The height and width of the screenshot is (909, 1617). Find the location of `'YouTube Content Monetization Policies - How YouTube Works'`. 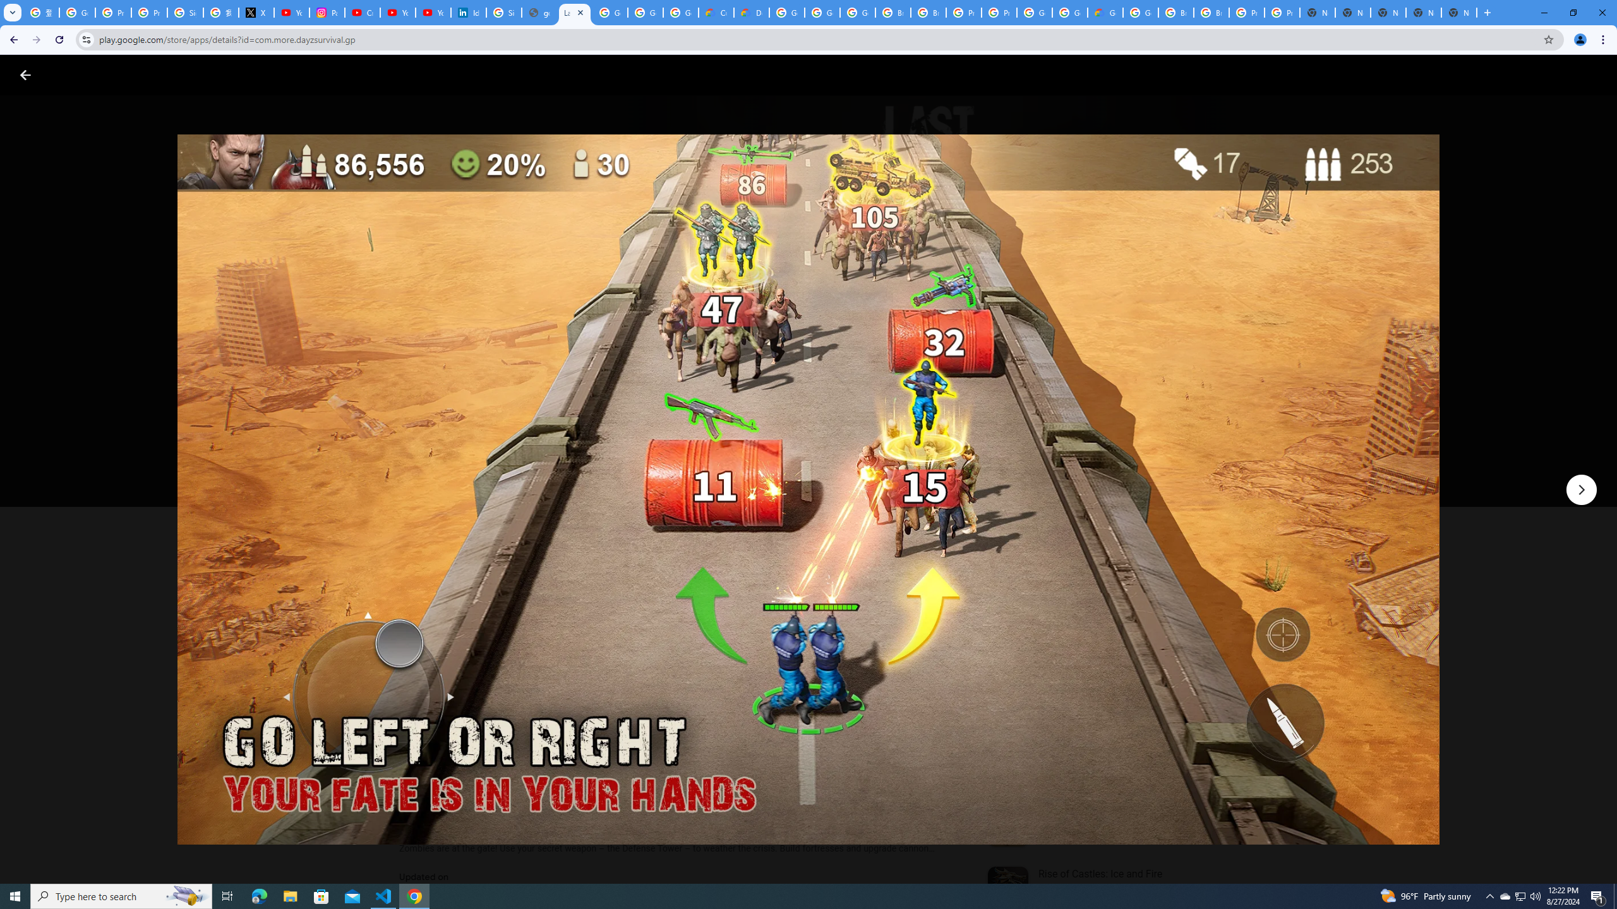

'YouTube Content Monetization Policies - How YouTube Works' is located at coordinates (291, 12).